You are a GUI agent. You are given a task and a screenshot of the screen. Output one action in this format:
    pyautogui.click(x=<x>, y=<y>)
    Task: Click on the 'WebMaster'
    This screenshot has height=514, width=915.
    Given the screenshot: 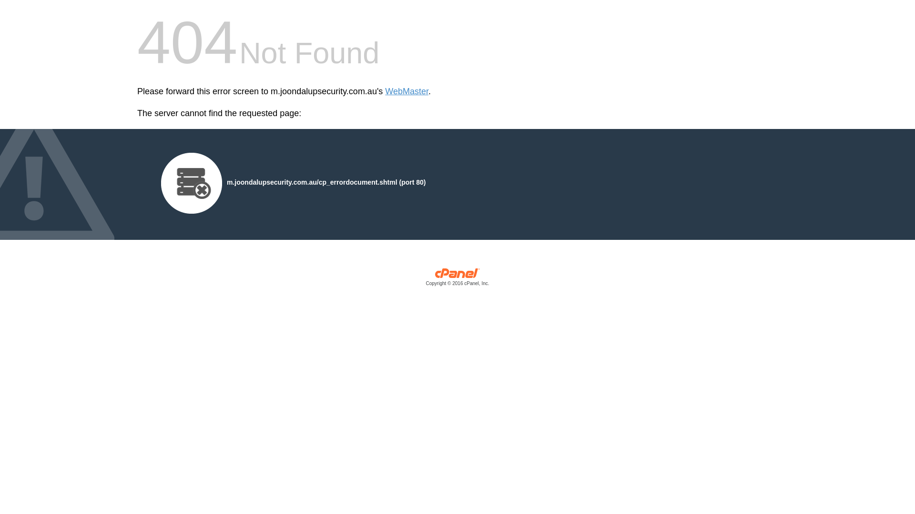 What is the action you would take?
    pyautogui.click(x=407, y=91)
    